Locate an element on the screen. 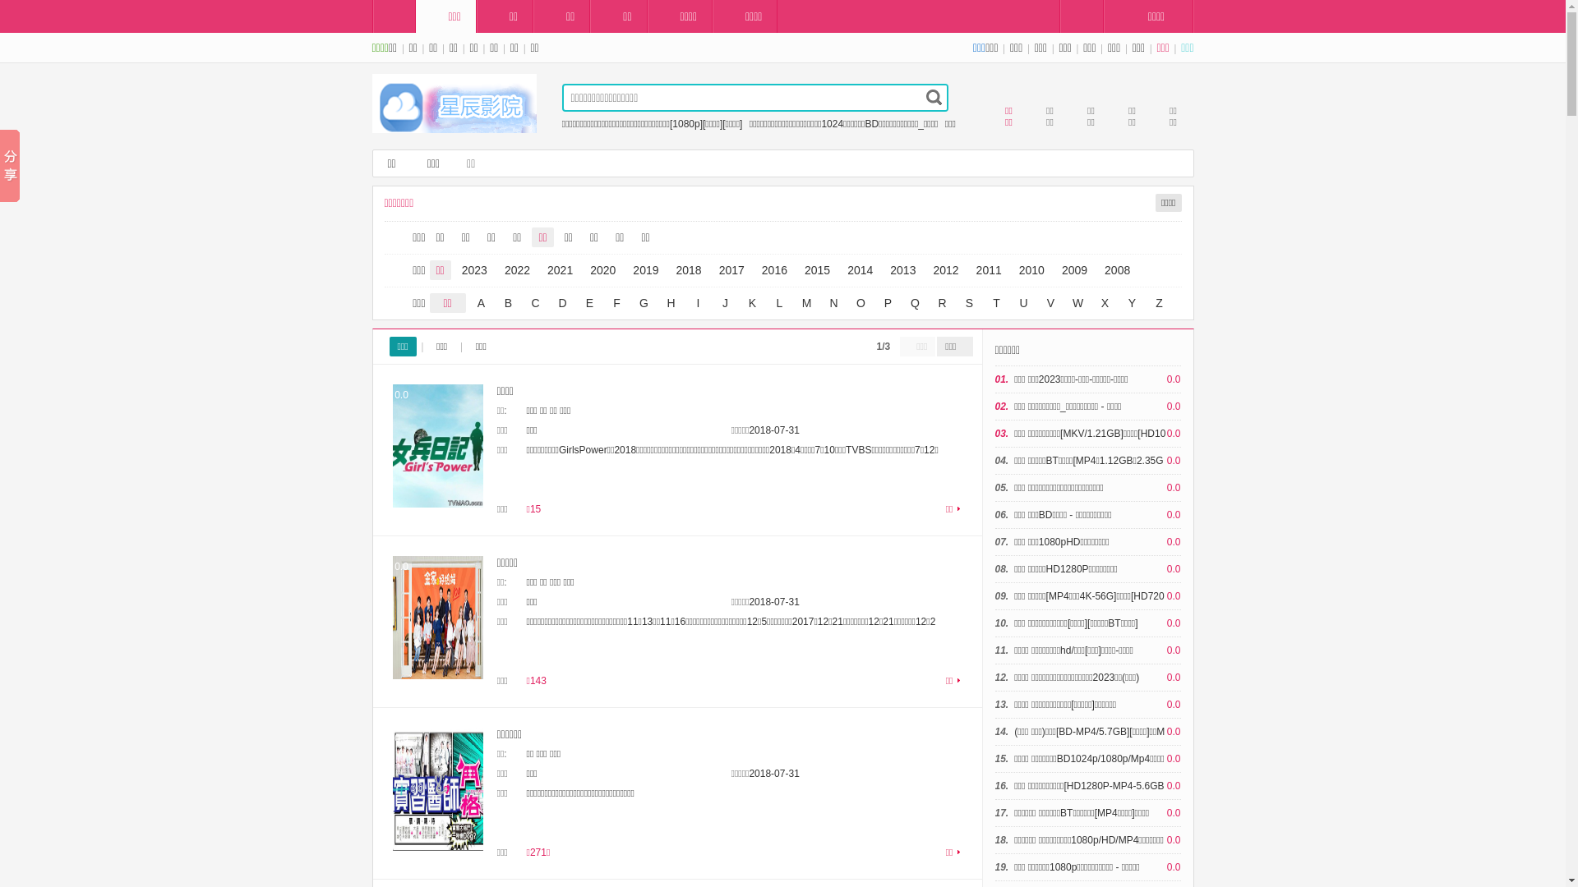  'M' is located at coordinates (796, 303).